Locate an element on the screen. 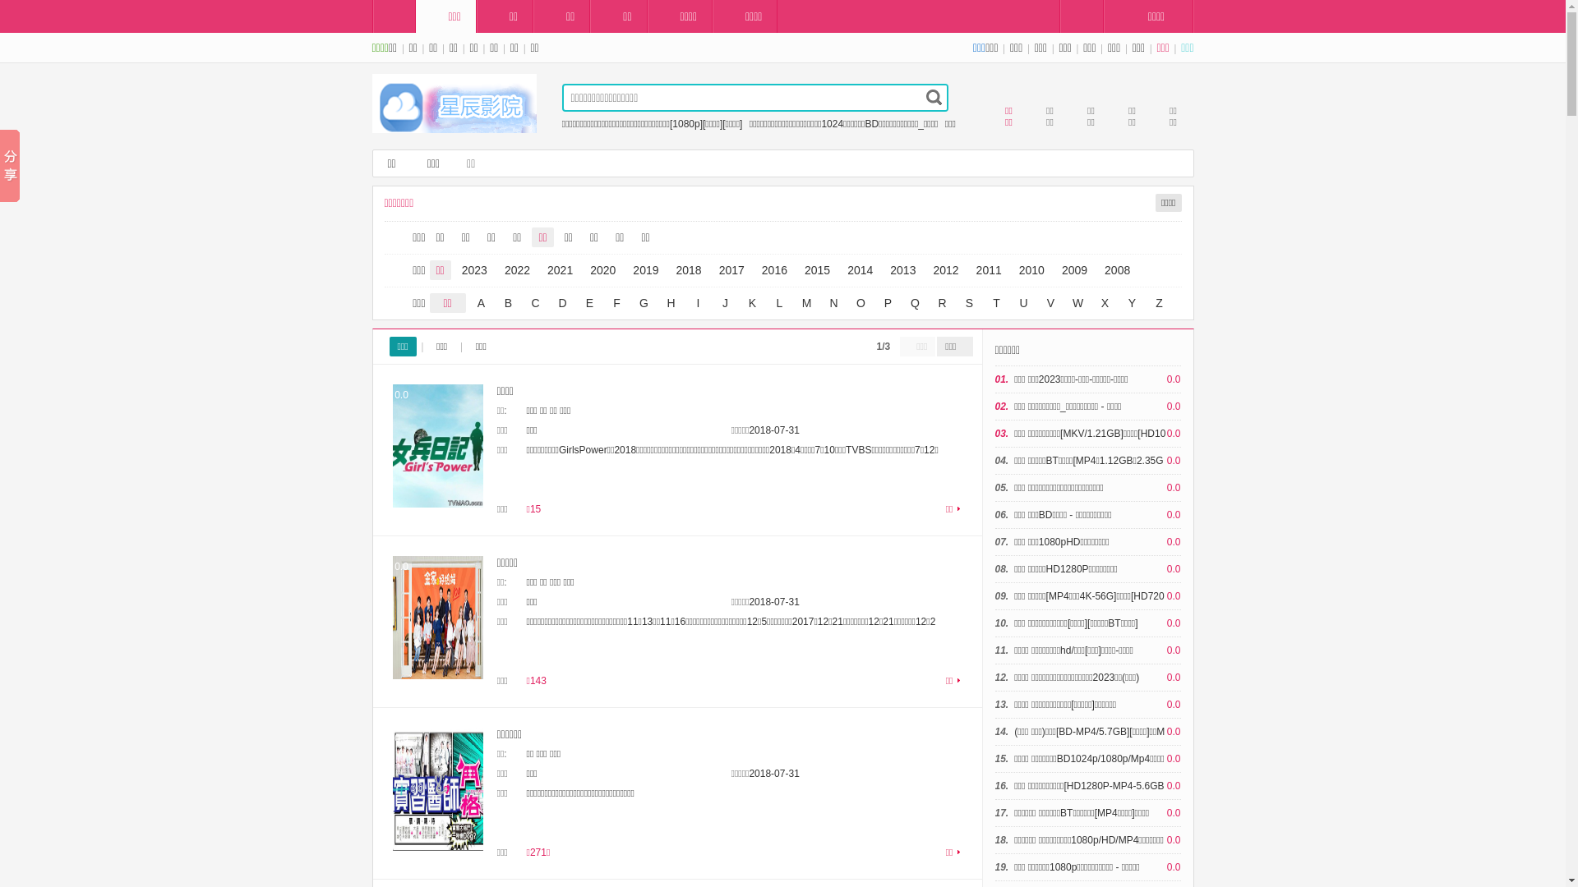  'M' is located at coordinates (796, 303).